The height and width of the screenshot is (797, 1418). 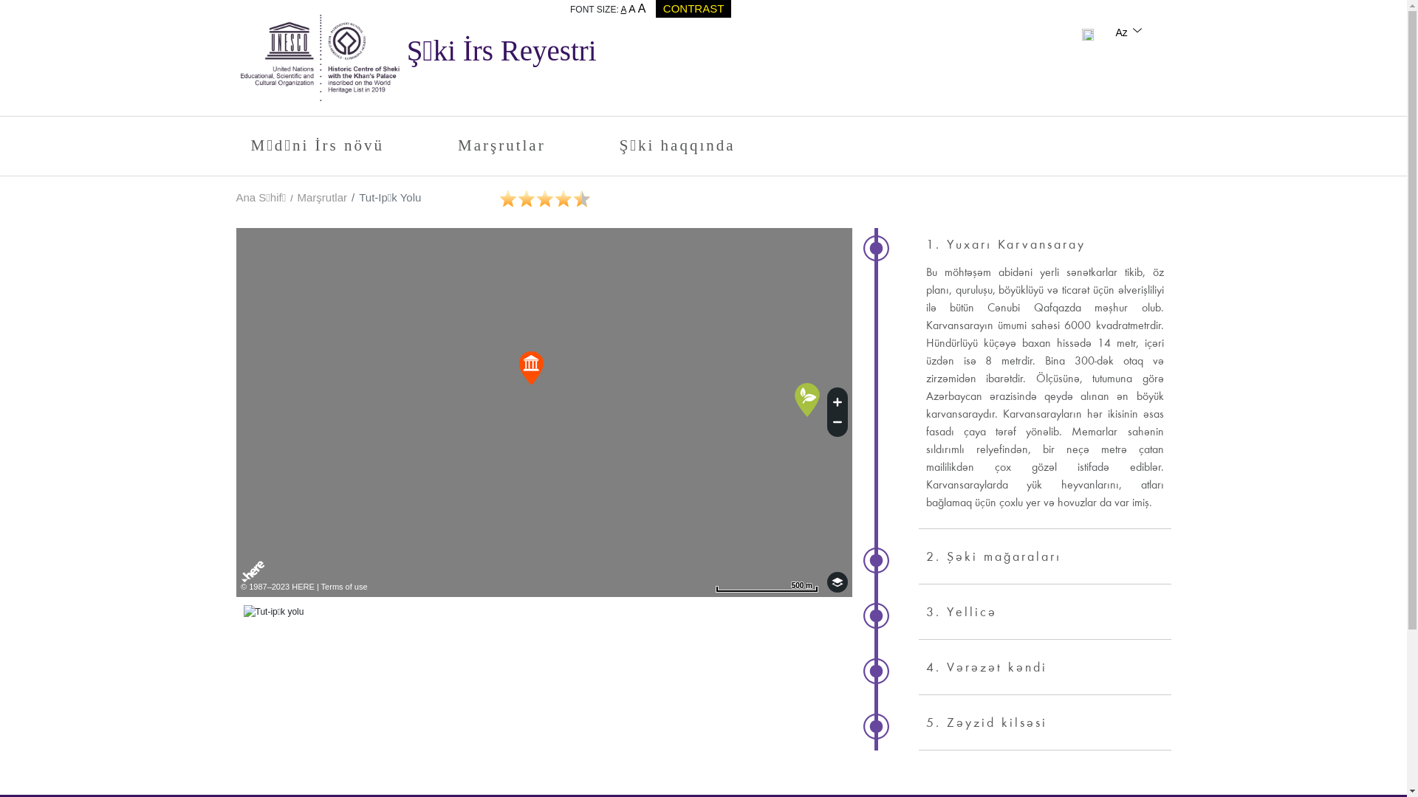 I want to click on 'A', so click(x=623, y=9).